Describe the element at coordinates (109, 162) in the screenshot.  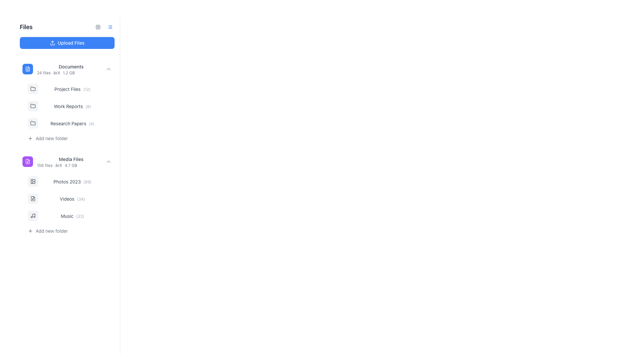
I see `the upward-pointing Chevron Icon (Toggle Indicator) located at the far-right side of the 'Media Files' row` at that location.